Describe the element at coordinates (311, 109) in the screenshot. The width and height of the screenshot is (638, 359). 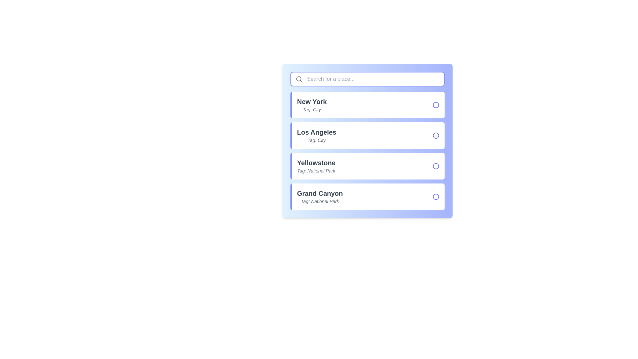
I see `the text label indicating the category or type of the associated location 'New York', which is located directly below the bold text 'New York' within a list item` at that location.